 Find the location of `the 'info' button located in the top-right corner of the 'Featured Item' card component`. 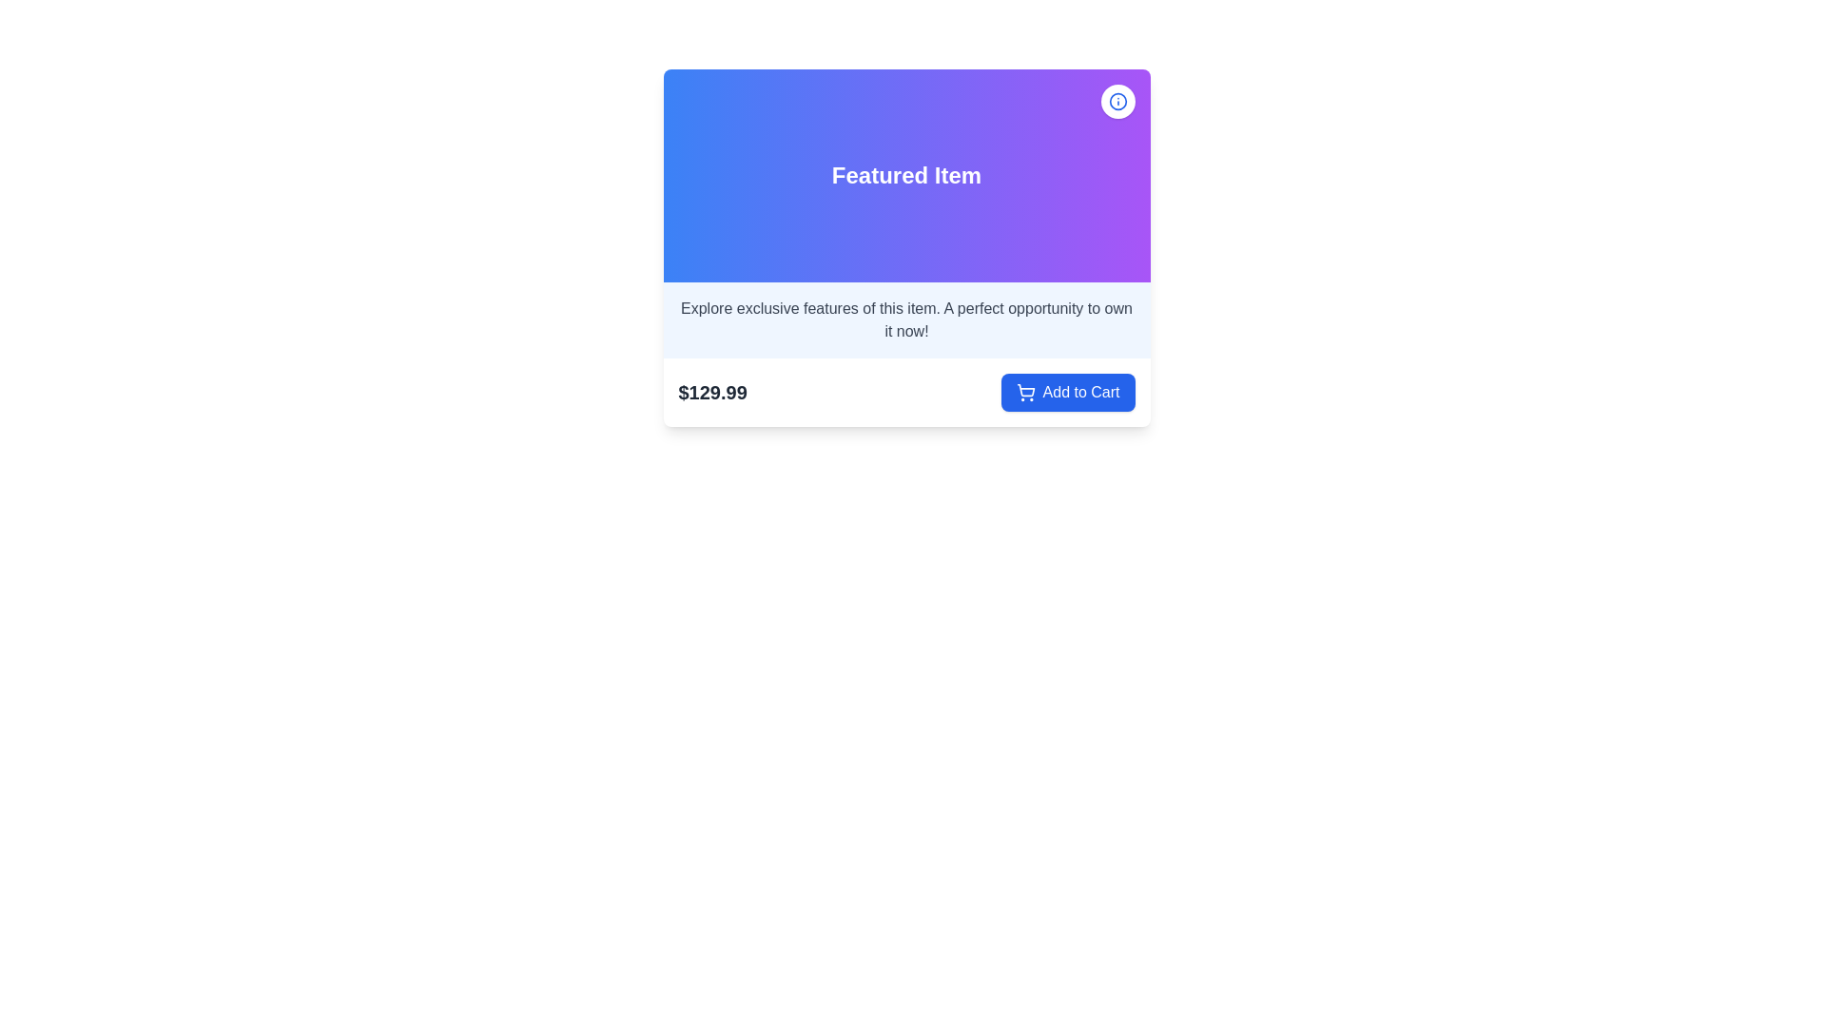

the 'info' button located in the top-right corner of the 'Featured Item' card component is located at coordinates (1117, 102).